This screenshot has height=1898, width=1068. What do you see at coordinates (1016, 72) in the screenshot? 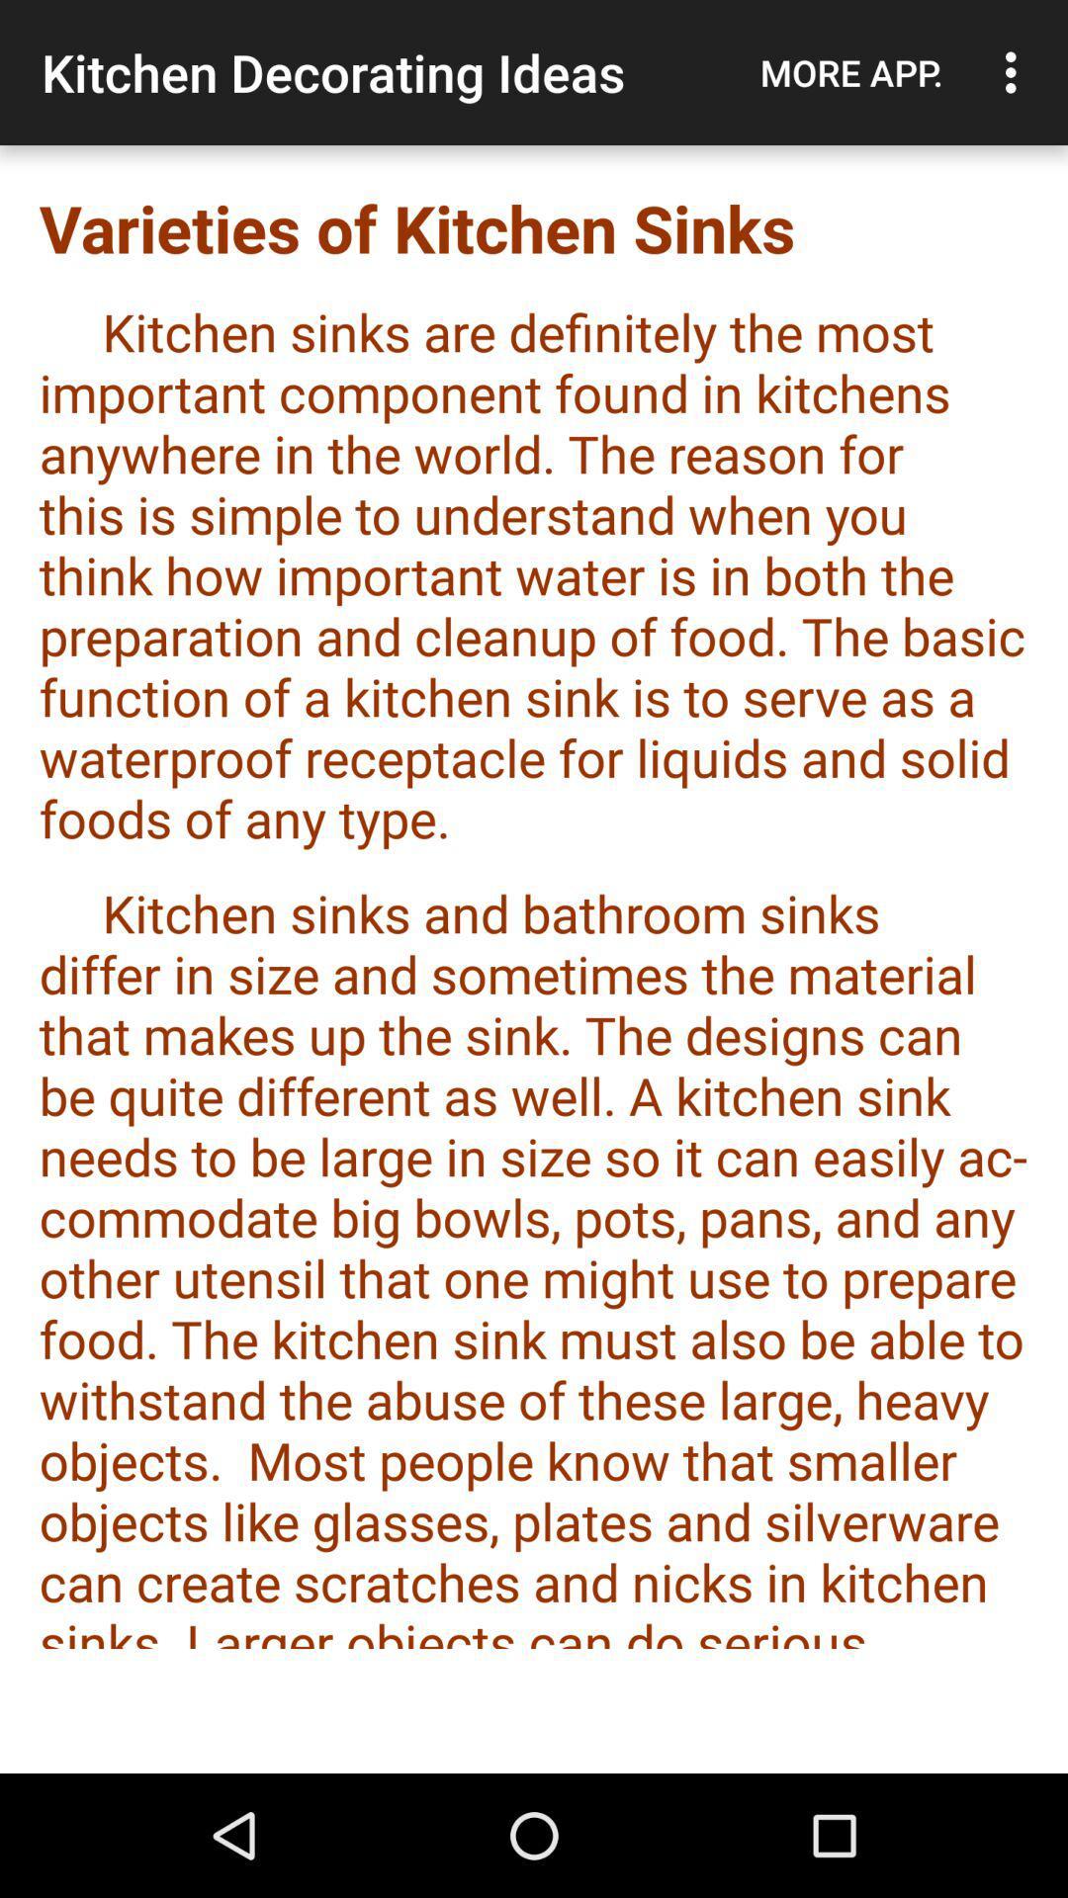
I see `item above the varieties of kitchen item` at bounding box center [1016, 72].